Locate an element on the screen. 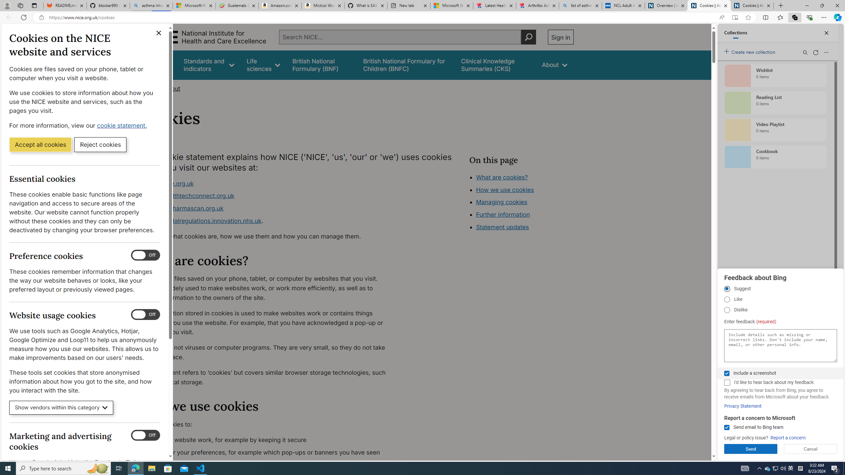  'Statement updates' is located at coordinates (502, 227).